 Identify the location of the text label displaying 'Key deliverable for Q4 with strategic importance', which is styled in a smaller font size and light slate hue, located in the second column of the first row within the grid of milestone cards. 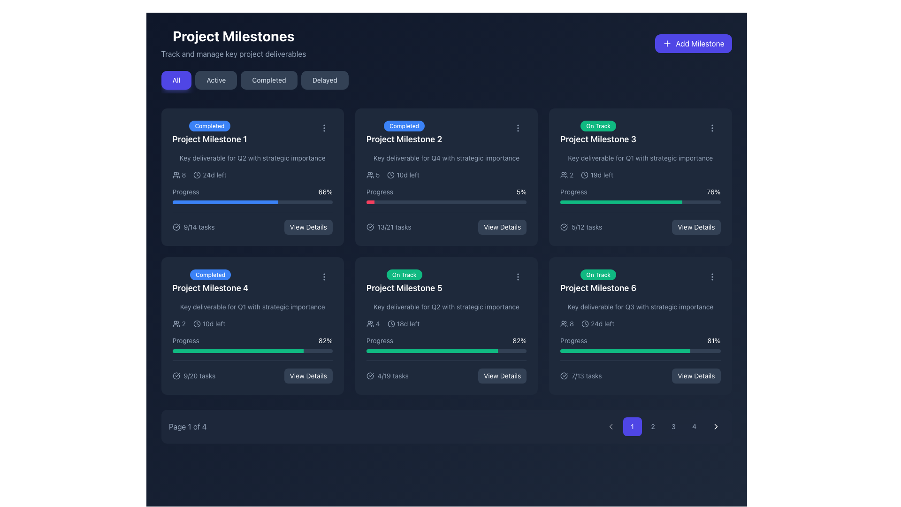
(446, 157).